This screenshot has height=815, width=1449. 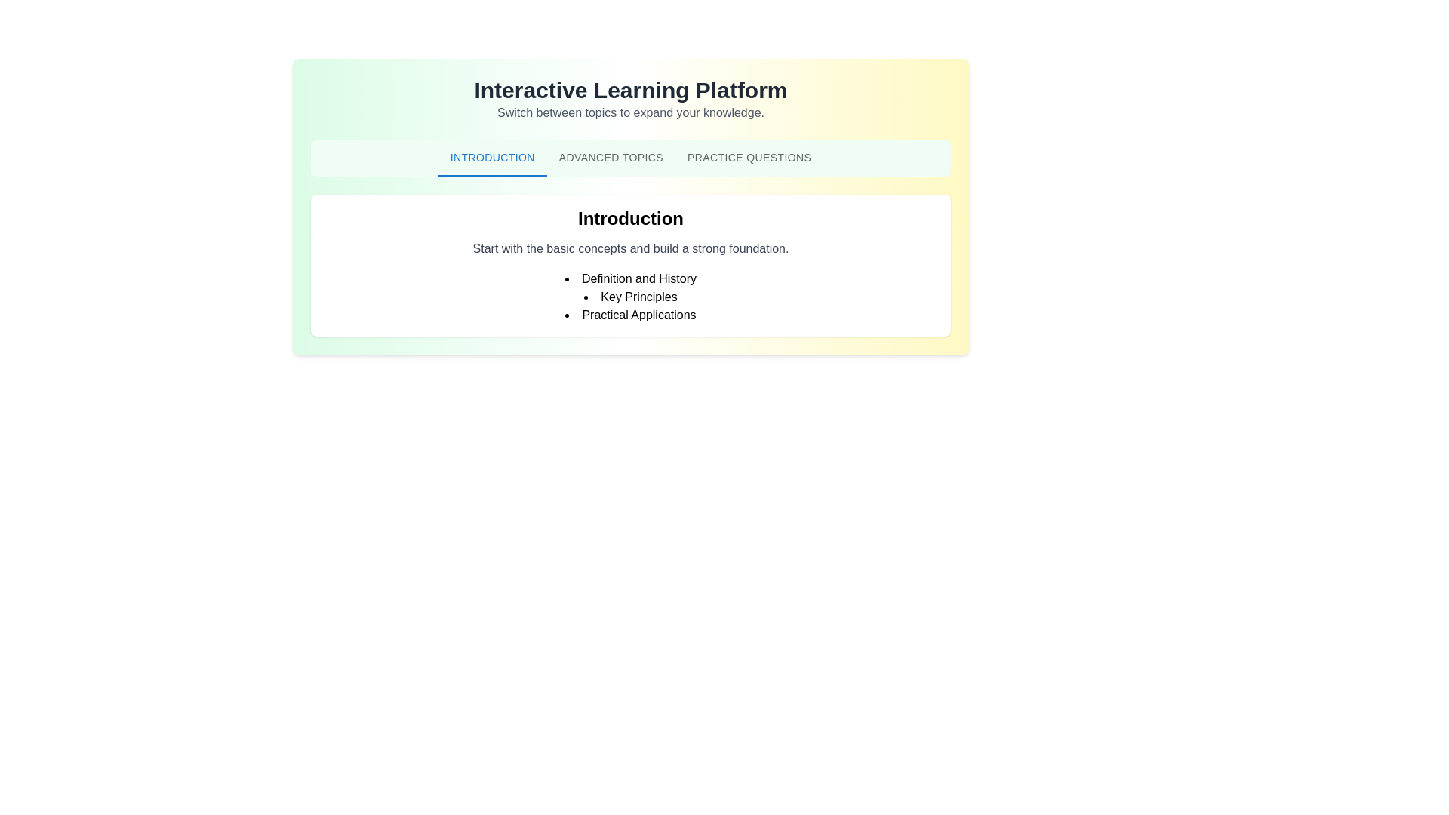 What do you see at coordinates (630, 297) in the screenshot?
I see `the bullet point entry labeled 'Key Principles' in the 'Introduction' section of the page` at bounding box center [630, 297].